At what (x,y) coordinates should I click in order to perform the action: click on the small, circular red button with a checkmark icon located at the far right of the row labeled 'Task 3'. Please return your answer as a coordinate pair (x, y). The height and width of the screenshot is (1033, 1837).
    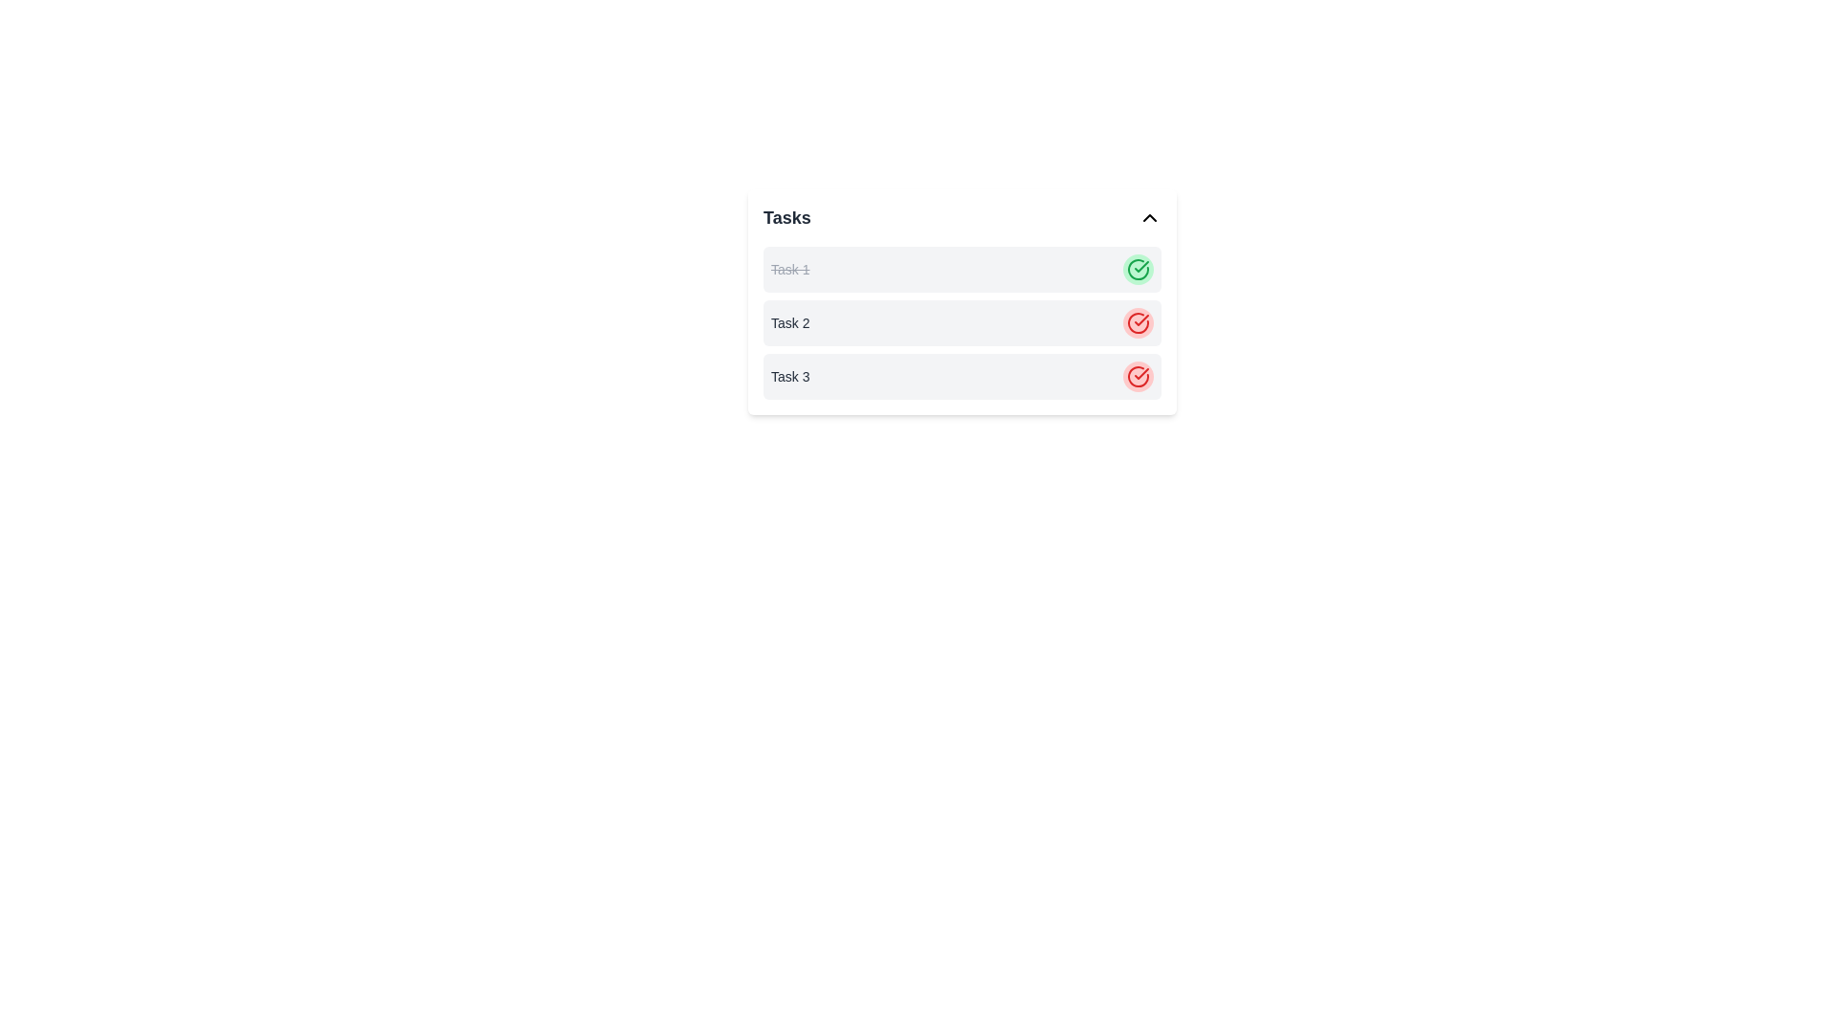
    Looking at the image, I should click on (1139, 376).